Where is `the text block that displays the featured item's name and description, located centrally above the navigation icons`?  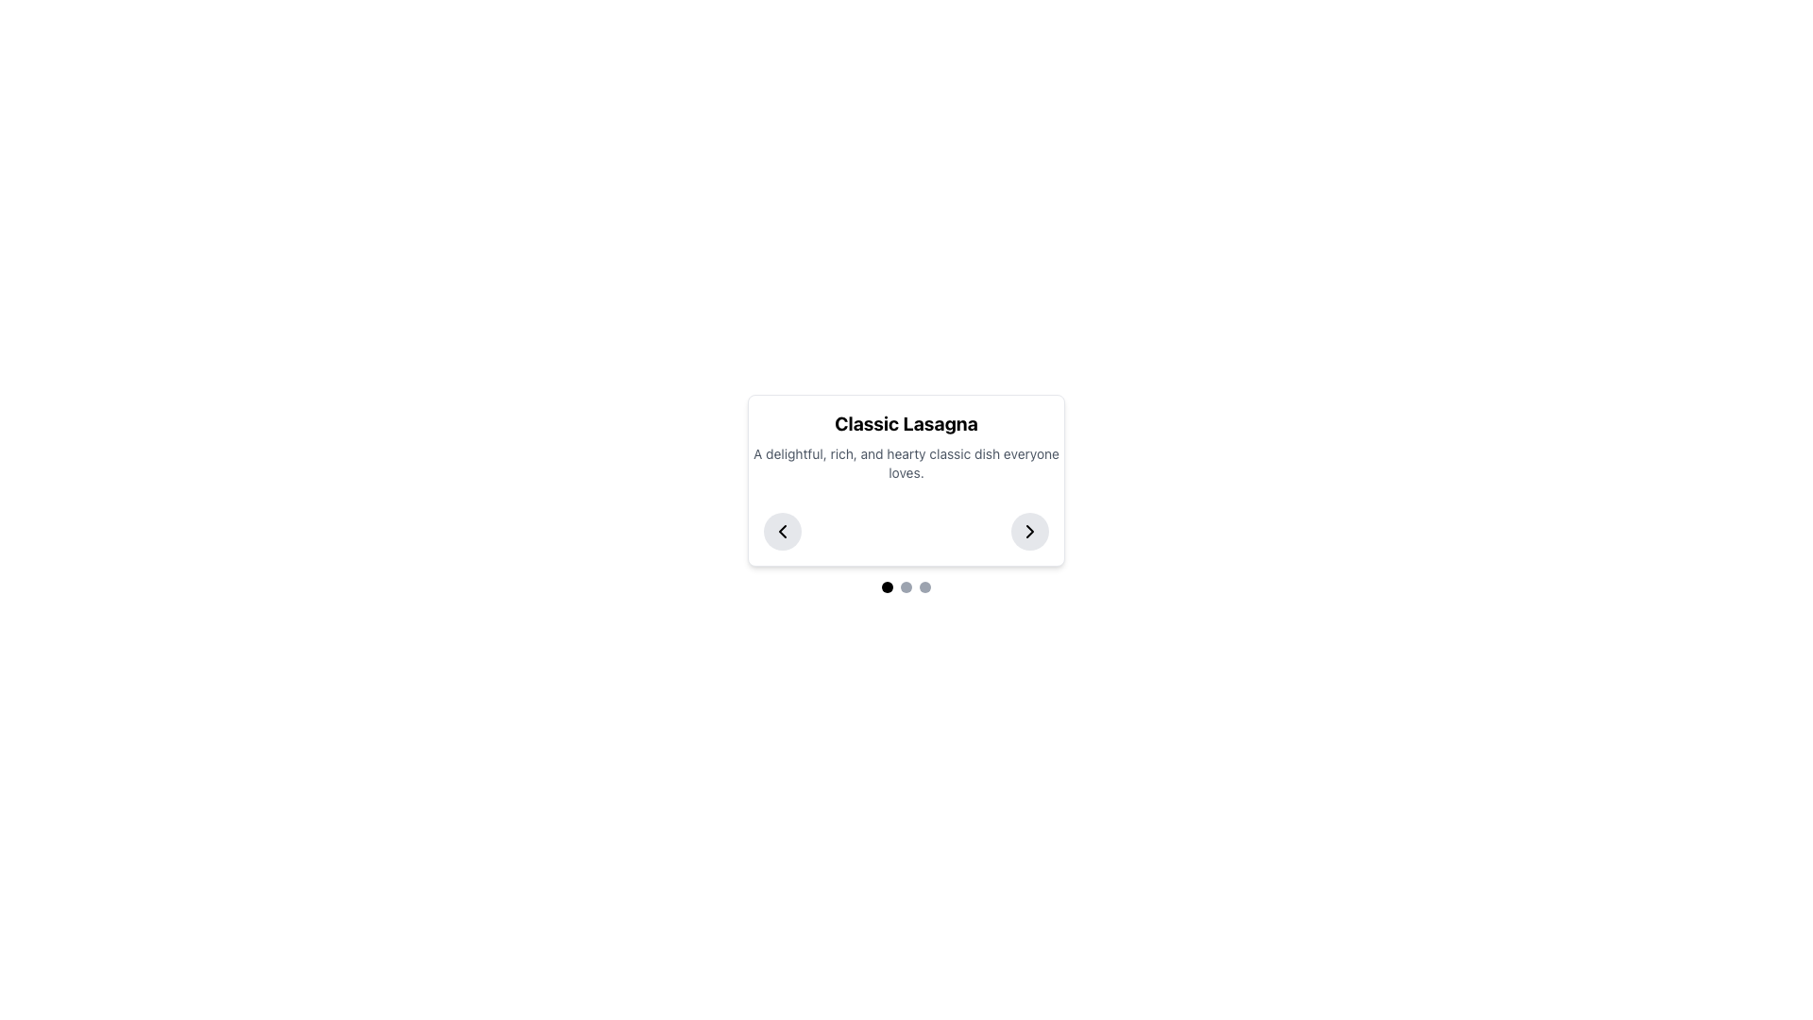
the text block that displays the featured item's name and description, located centrally above the navigation icons is located at coordinates (906, 447).